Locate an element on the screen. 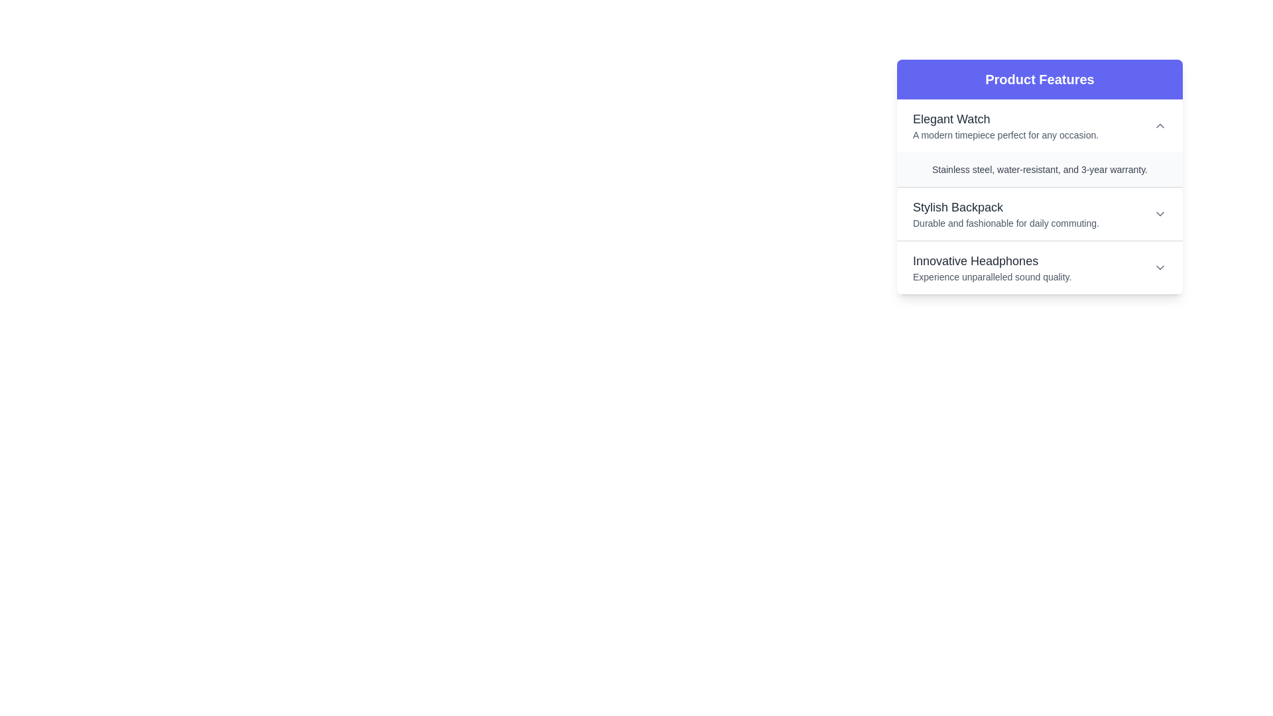  the Collapsible header labeled 'Product Features' is located at coordinates (1039, 125).